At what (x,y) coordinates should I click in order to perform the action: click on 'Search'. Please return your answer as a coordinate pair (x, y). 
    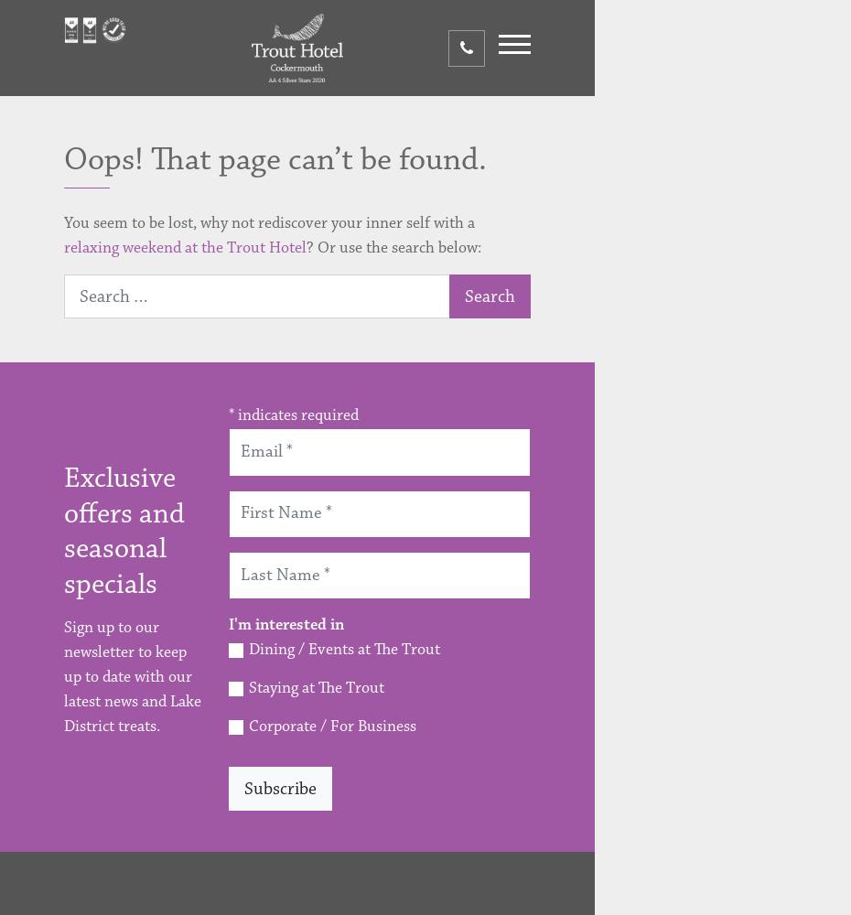
    Looking at the image, I should click on (489, 296).